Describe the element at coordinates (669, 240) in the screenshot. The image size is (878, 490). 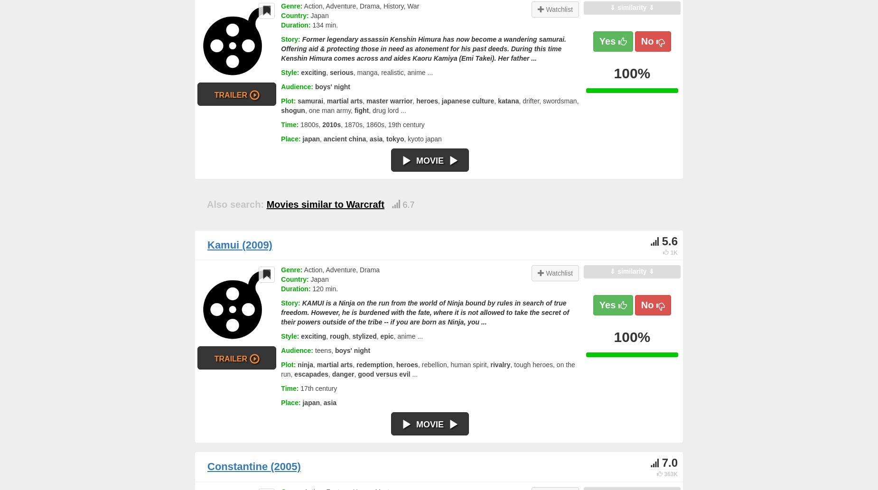
I see `'5.6'` at that location.